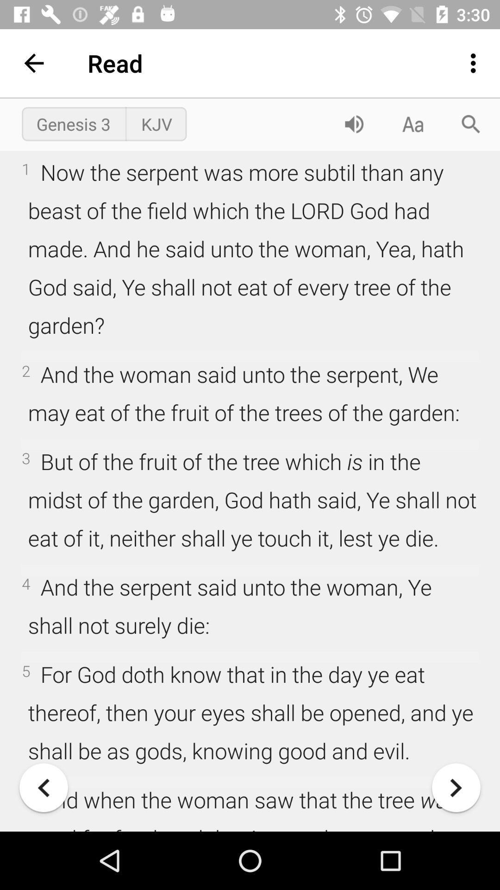 This screenshot has width=500, height=890. I want to click on listen to text, so click(354, 123).